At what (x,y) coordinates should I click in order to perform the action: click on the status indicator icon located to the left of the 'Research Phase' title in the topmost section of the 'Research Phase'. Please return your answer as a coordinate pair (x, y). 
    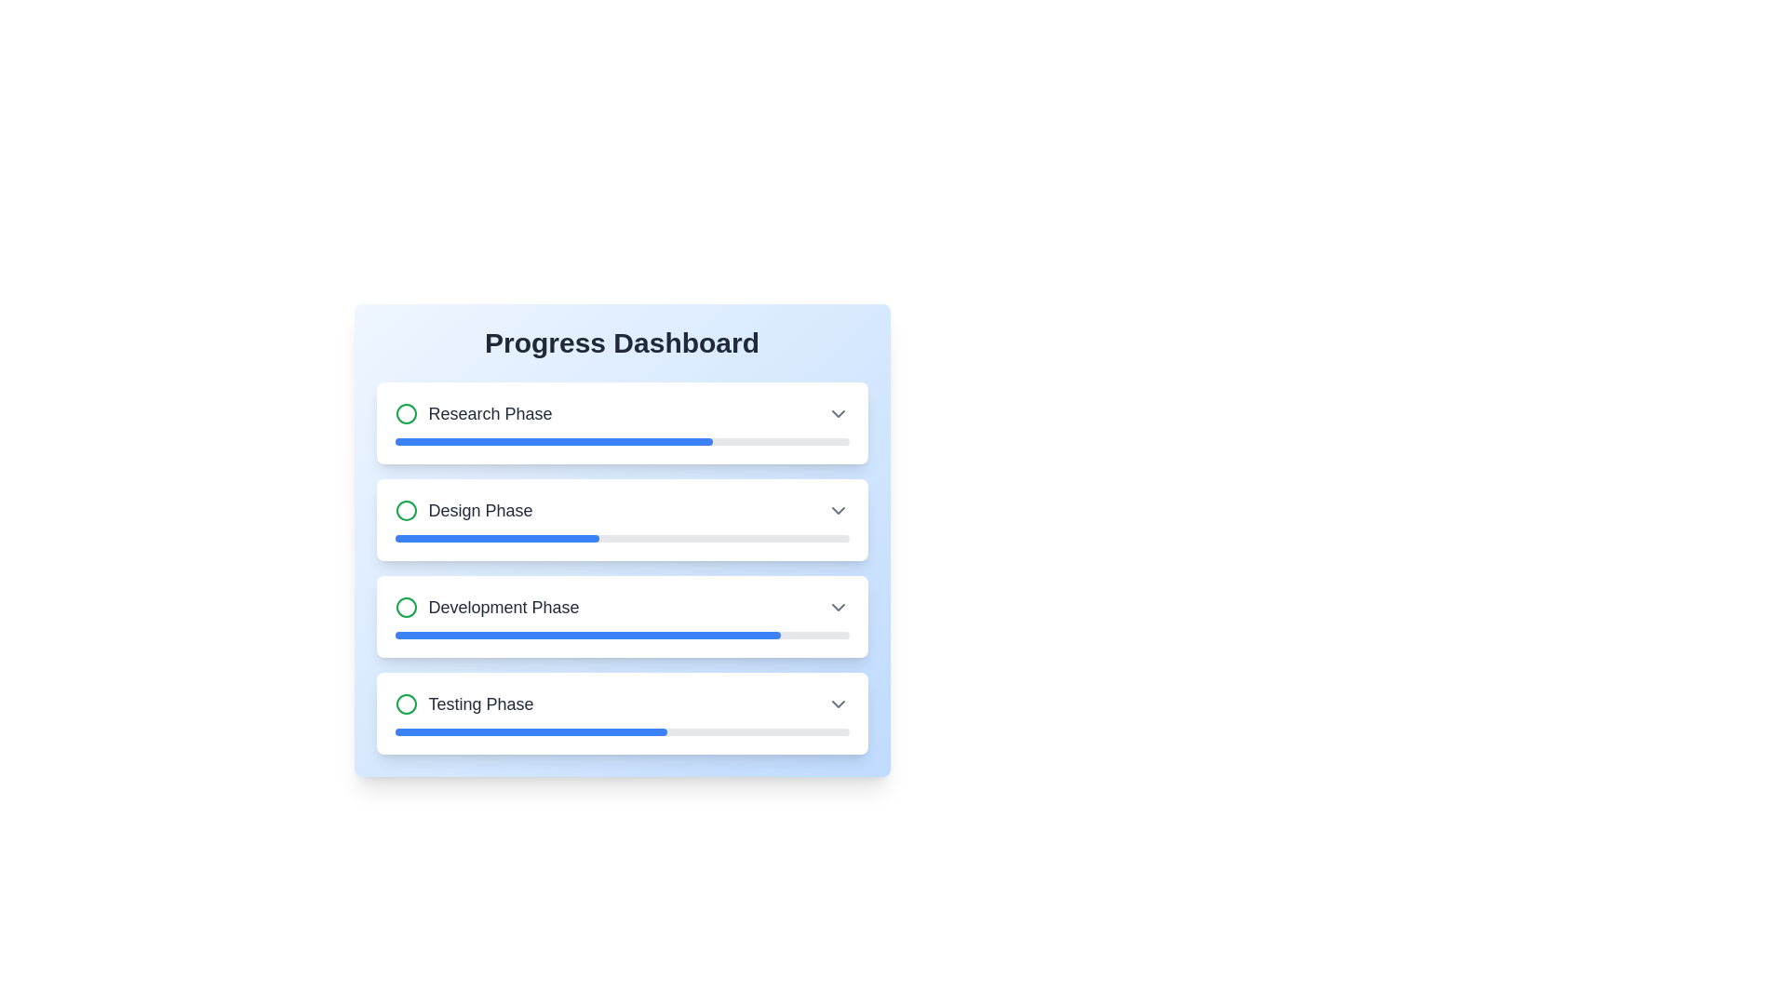
    Looking at the image, I should click on (405, 412).